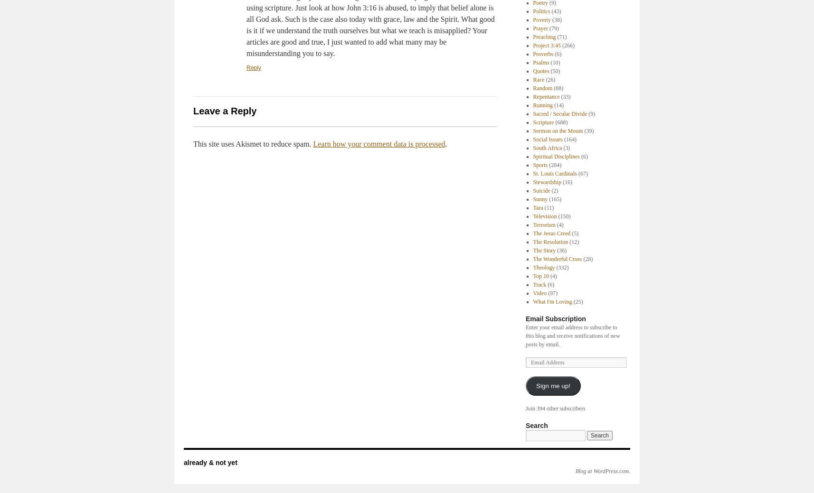 The image size is (814, 493). Describe the element at coordinates (540, 164) in the screenshot. I see `'Sports'` at that location.